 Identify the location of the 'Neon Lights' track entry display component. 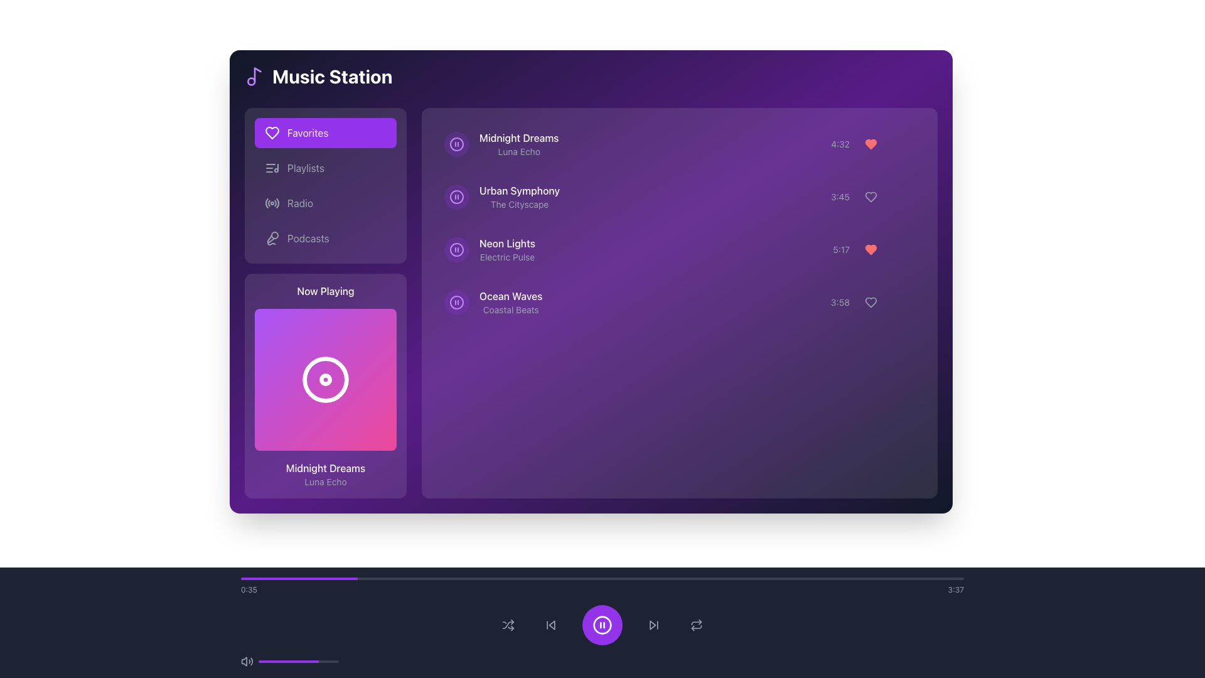
(489, 249).